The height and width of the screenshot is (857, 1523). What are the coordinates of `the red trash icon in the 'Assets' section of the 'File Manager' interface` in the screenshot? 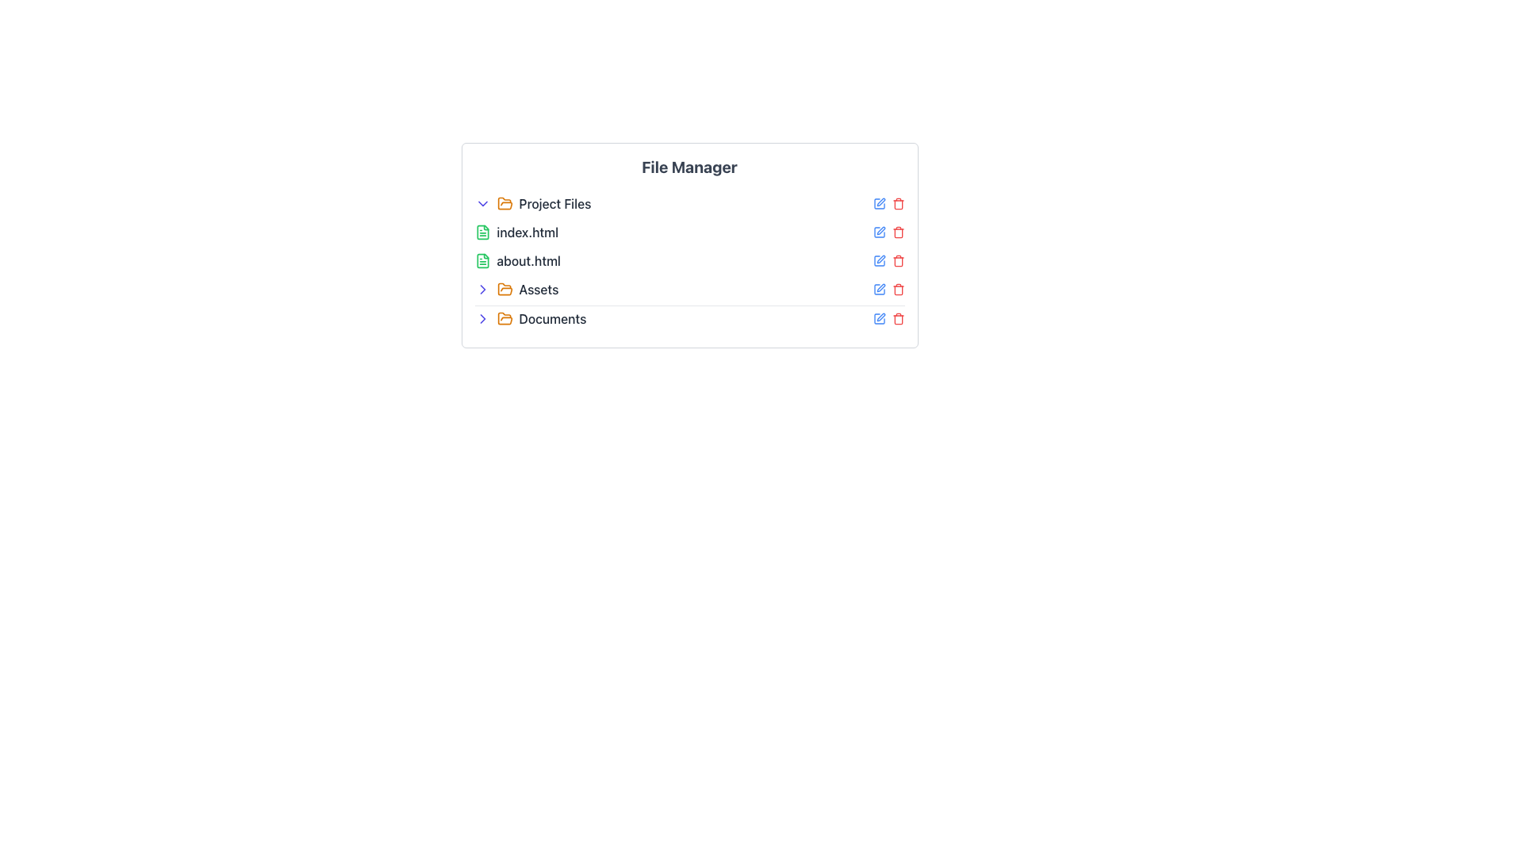 It's located at (888, 290).